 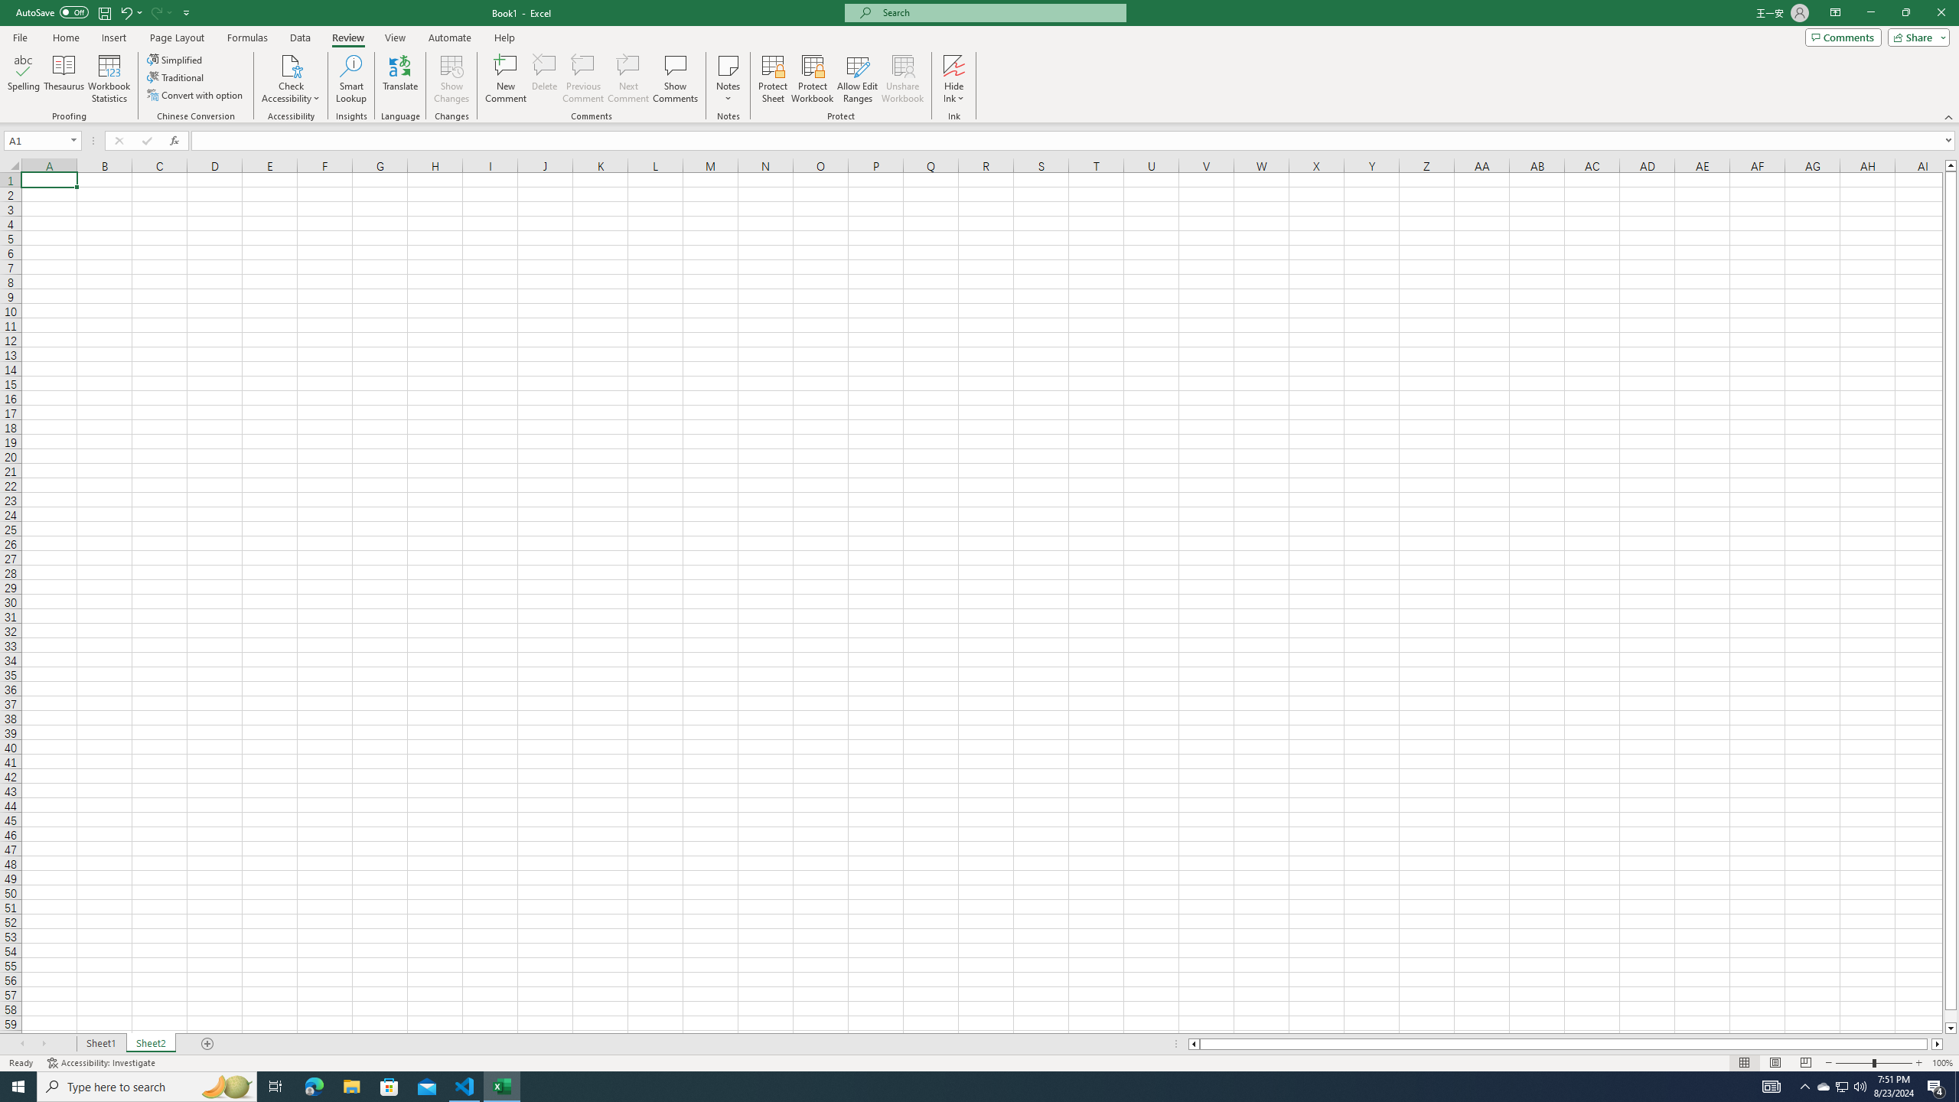 I want to click on 'Check Accessibility', so click(x=290, y=79).